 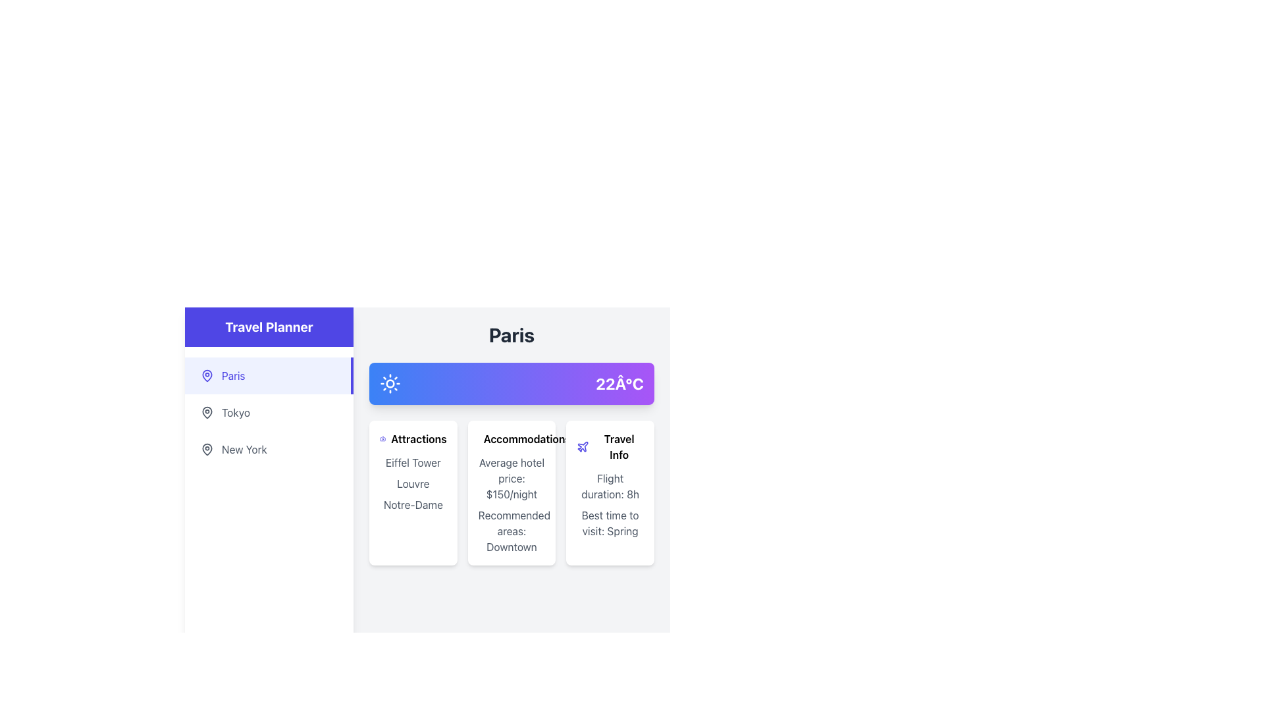 I want to click on the static text label 'Louvre' which is the second item in the list of attractions under the 'Attractions' section, so click(x=412, y=484).